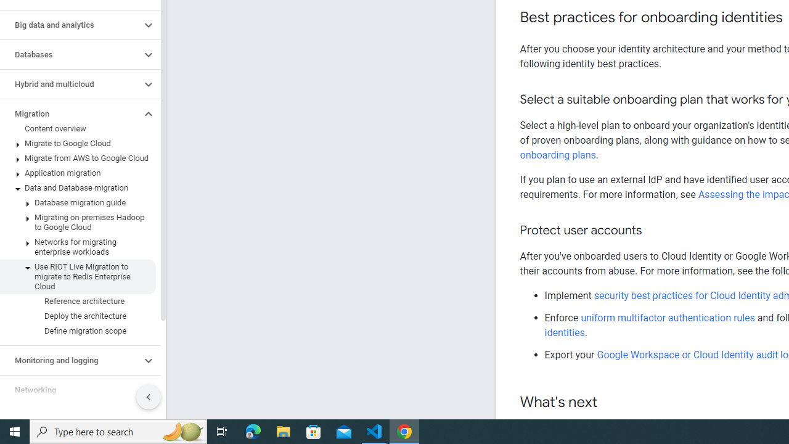 The width and height of the screenshot is (789, 444). Describe the element at coordinates (77, 187) in the screenshot. I see `'Data and Database migration'` at that location.